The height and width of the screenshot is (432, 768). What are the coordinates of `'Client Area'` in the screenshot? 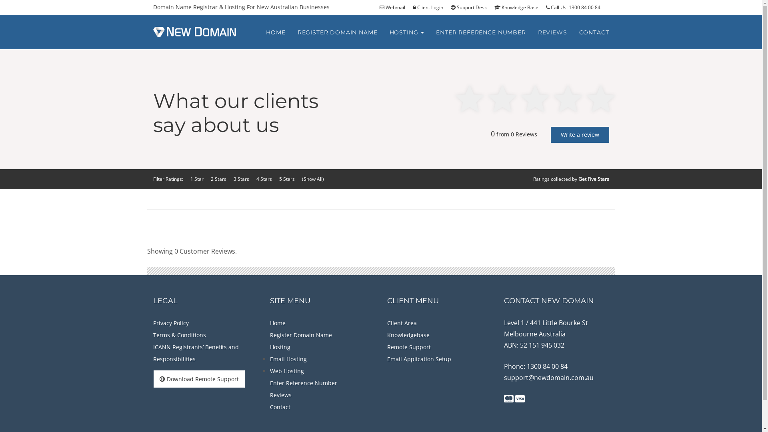 It's located at (402, 322).